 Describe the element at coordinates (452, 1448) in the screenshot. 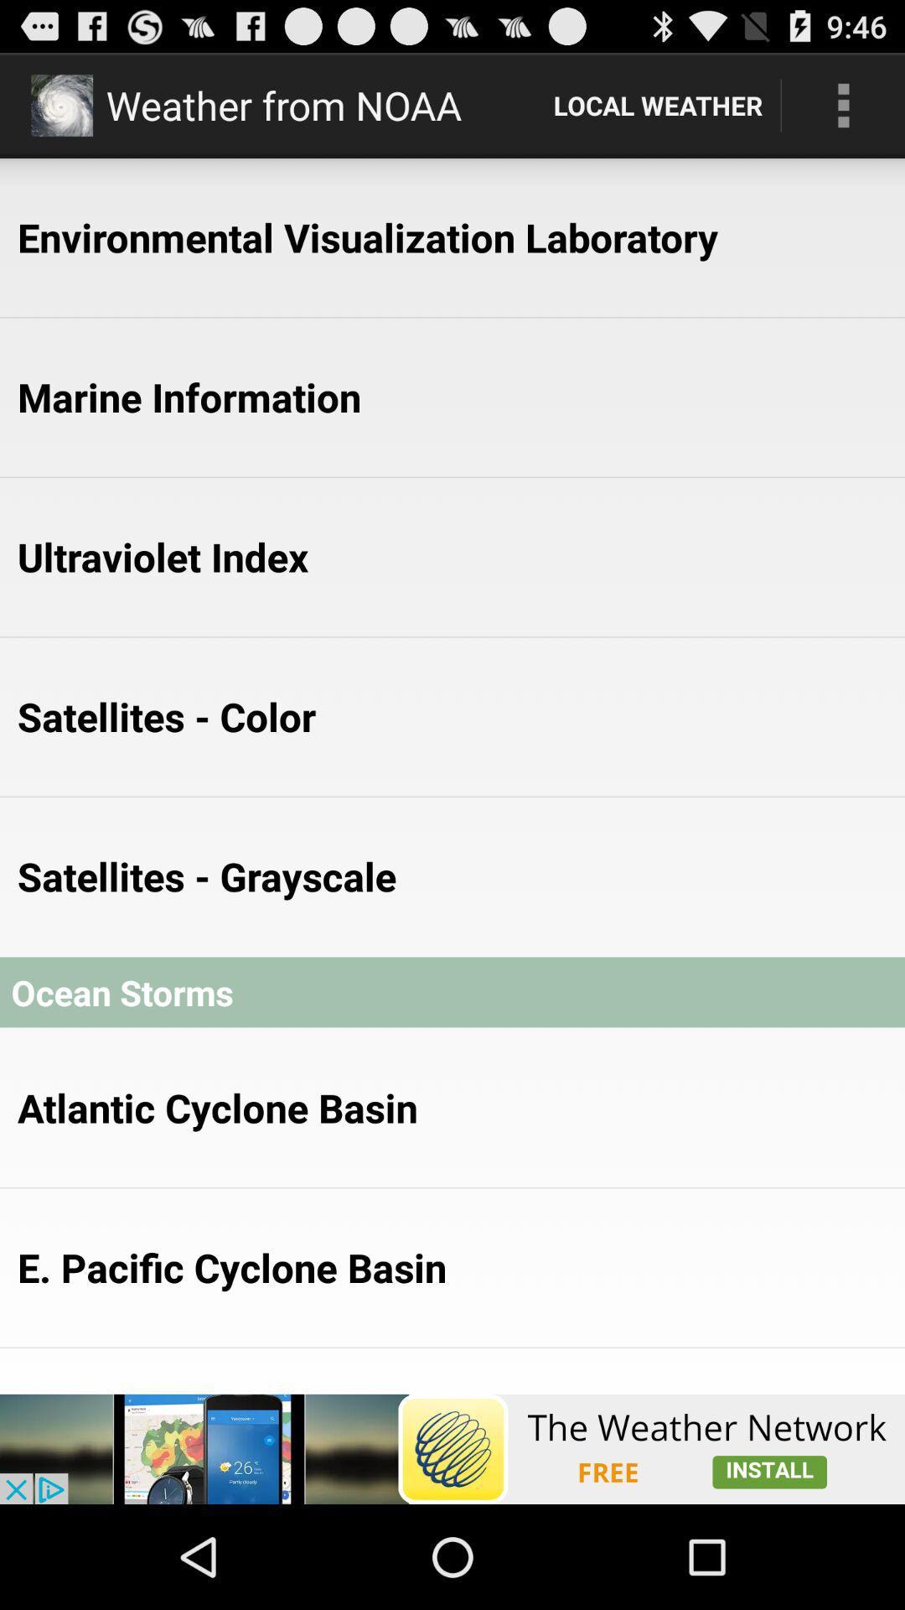

I see `connect to advertisement` at that location.